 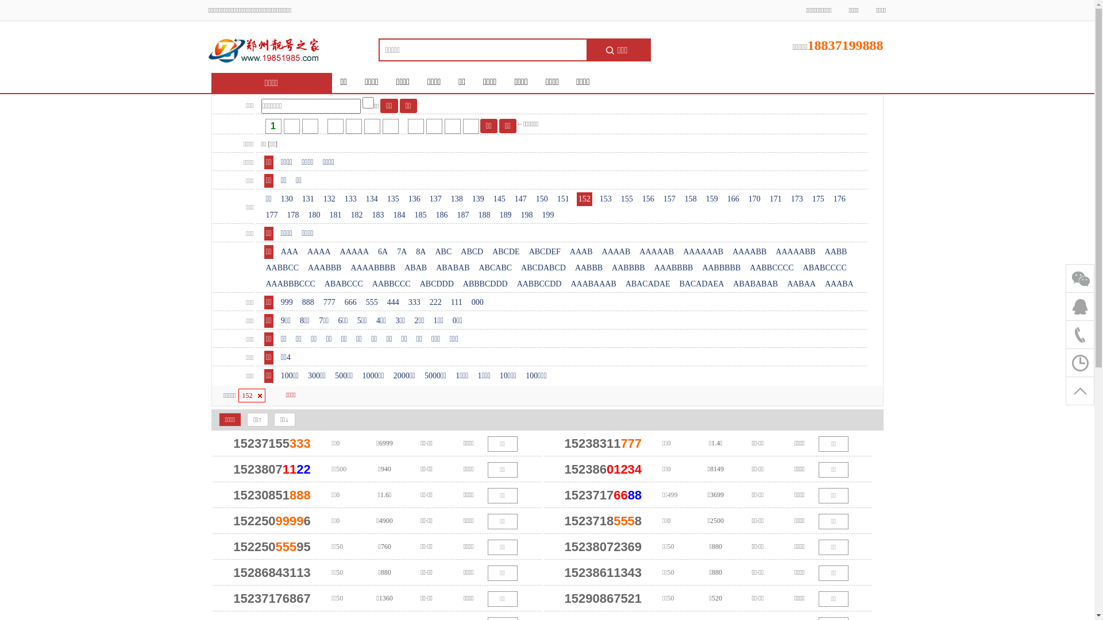 I want to click on '147', so click(x=512, y=199).